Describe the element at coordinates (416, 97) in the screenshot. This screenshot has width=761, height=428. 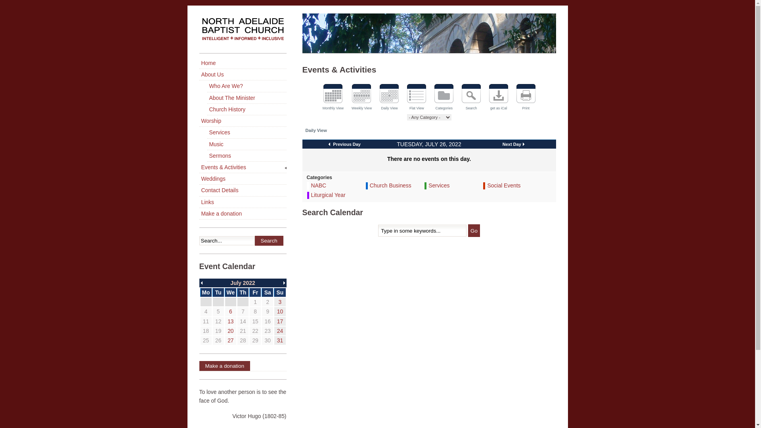
I see `'Flat View'` at that location.